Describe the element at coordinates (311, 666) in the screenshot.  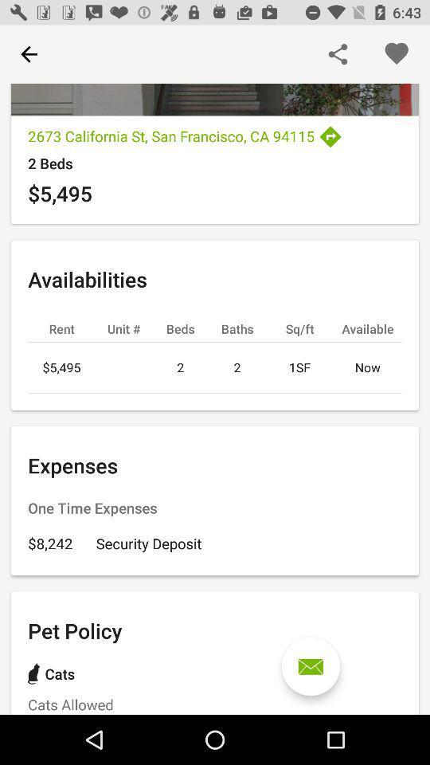
I see `un buen alquiler que te parece` at that location.